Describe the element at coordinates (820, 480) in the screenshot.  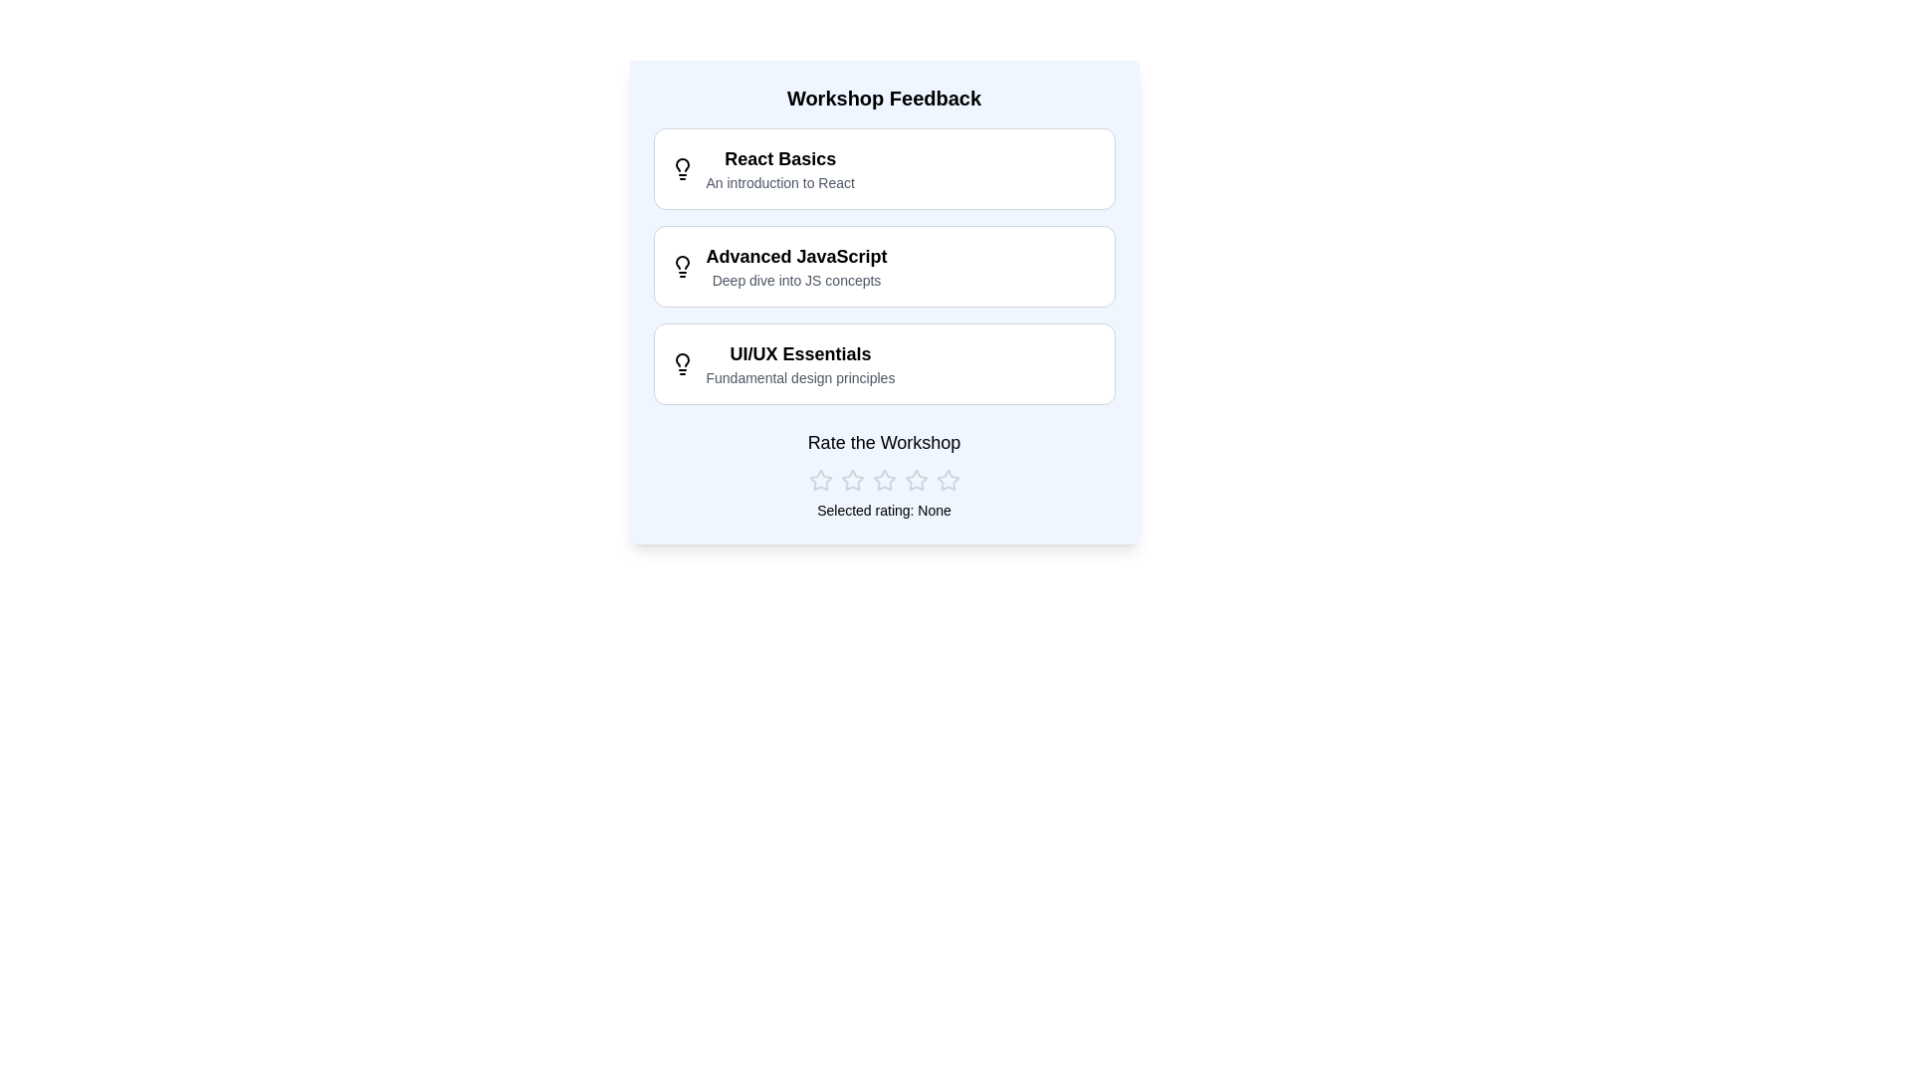
I see `the first star-shaped Iconic button for submitting a rating, located below the 'Rate the Workshop' section` at that location.